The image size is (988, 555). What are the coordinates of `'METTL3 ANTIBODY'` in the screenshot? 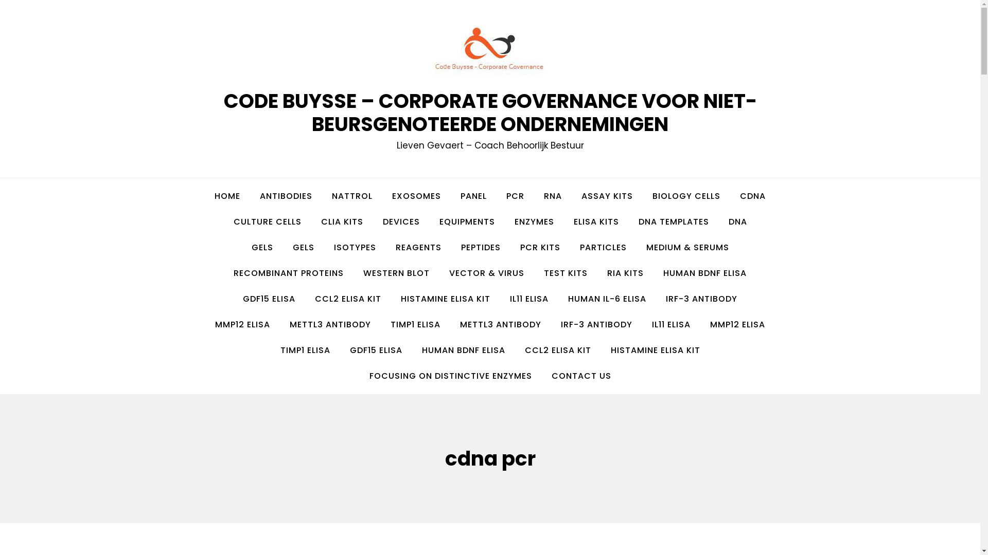 It's located at (501, 325).